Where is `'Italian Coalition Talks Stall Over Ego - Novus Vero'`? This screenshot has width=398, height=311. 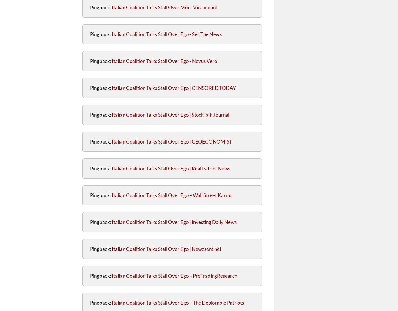 'Italian Coalition Talks Stall Over Ego - Novus Vero' is located at coordinates (111, 61).